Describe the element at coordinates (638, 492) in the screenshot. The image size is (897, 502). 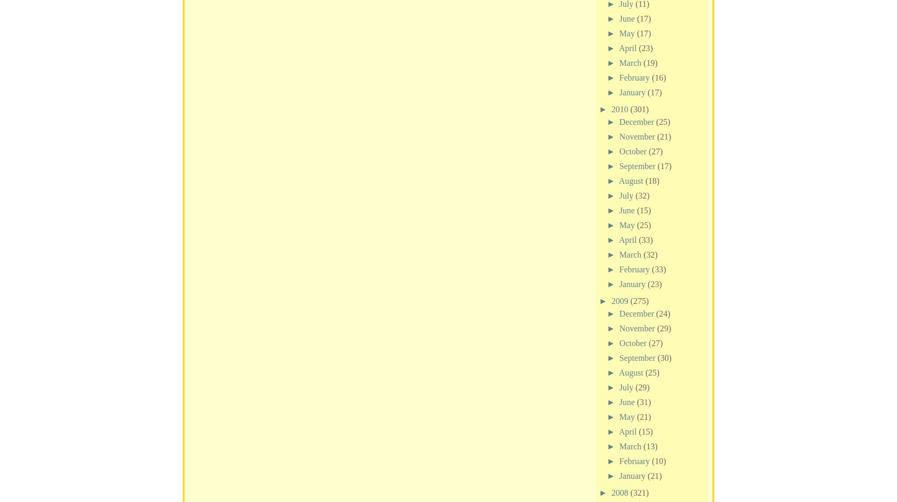
I see `'(321)'` at that location.